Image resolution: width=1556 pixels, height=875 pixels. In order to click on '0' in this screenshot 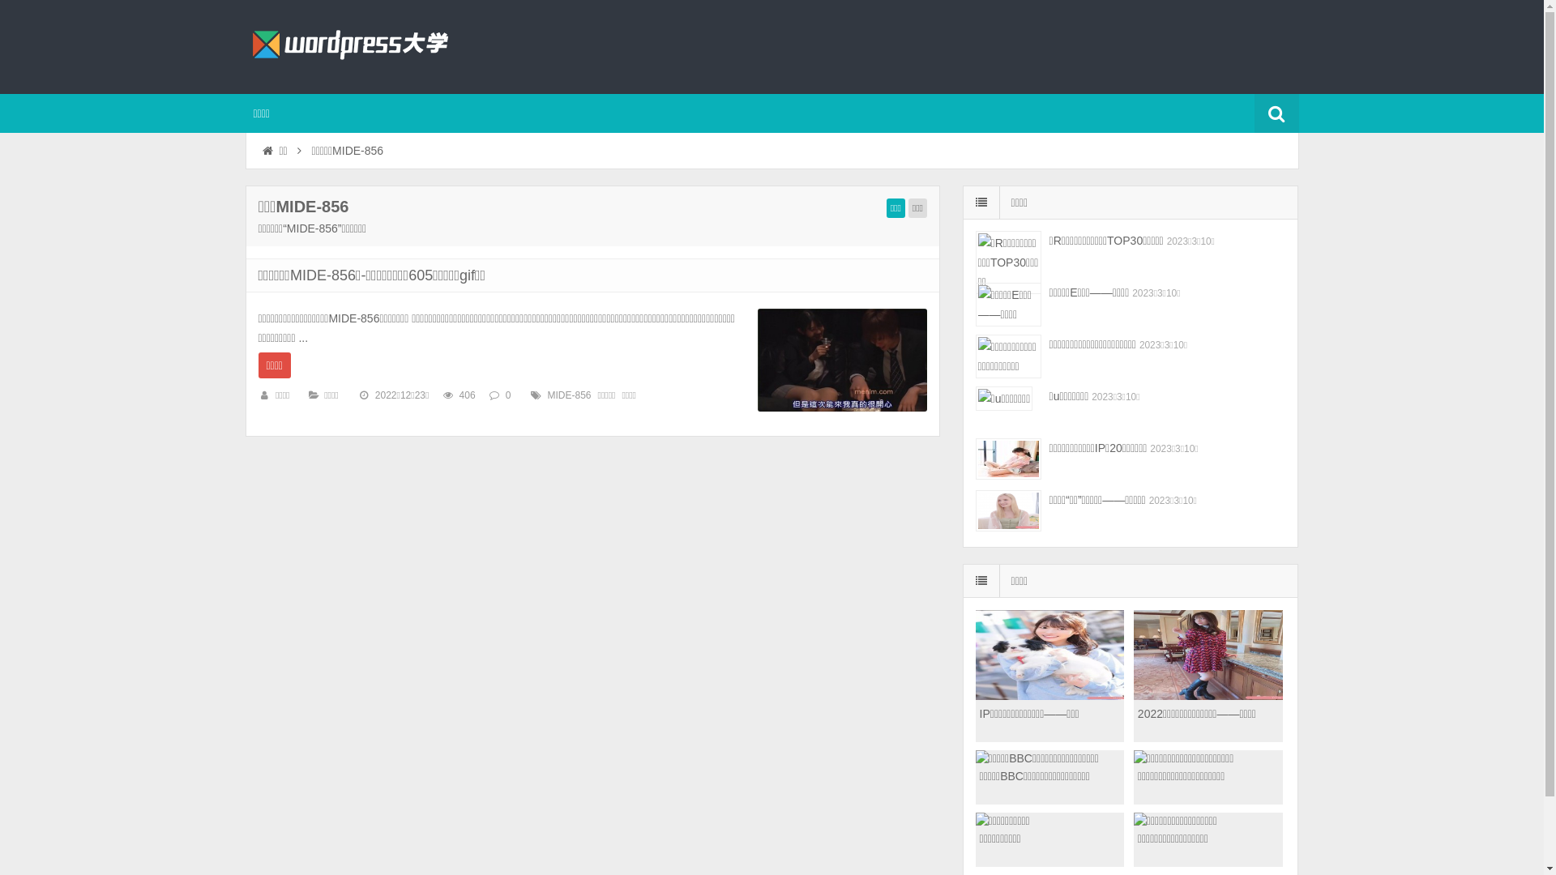, I will do `click(507, 395)`.